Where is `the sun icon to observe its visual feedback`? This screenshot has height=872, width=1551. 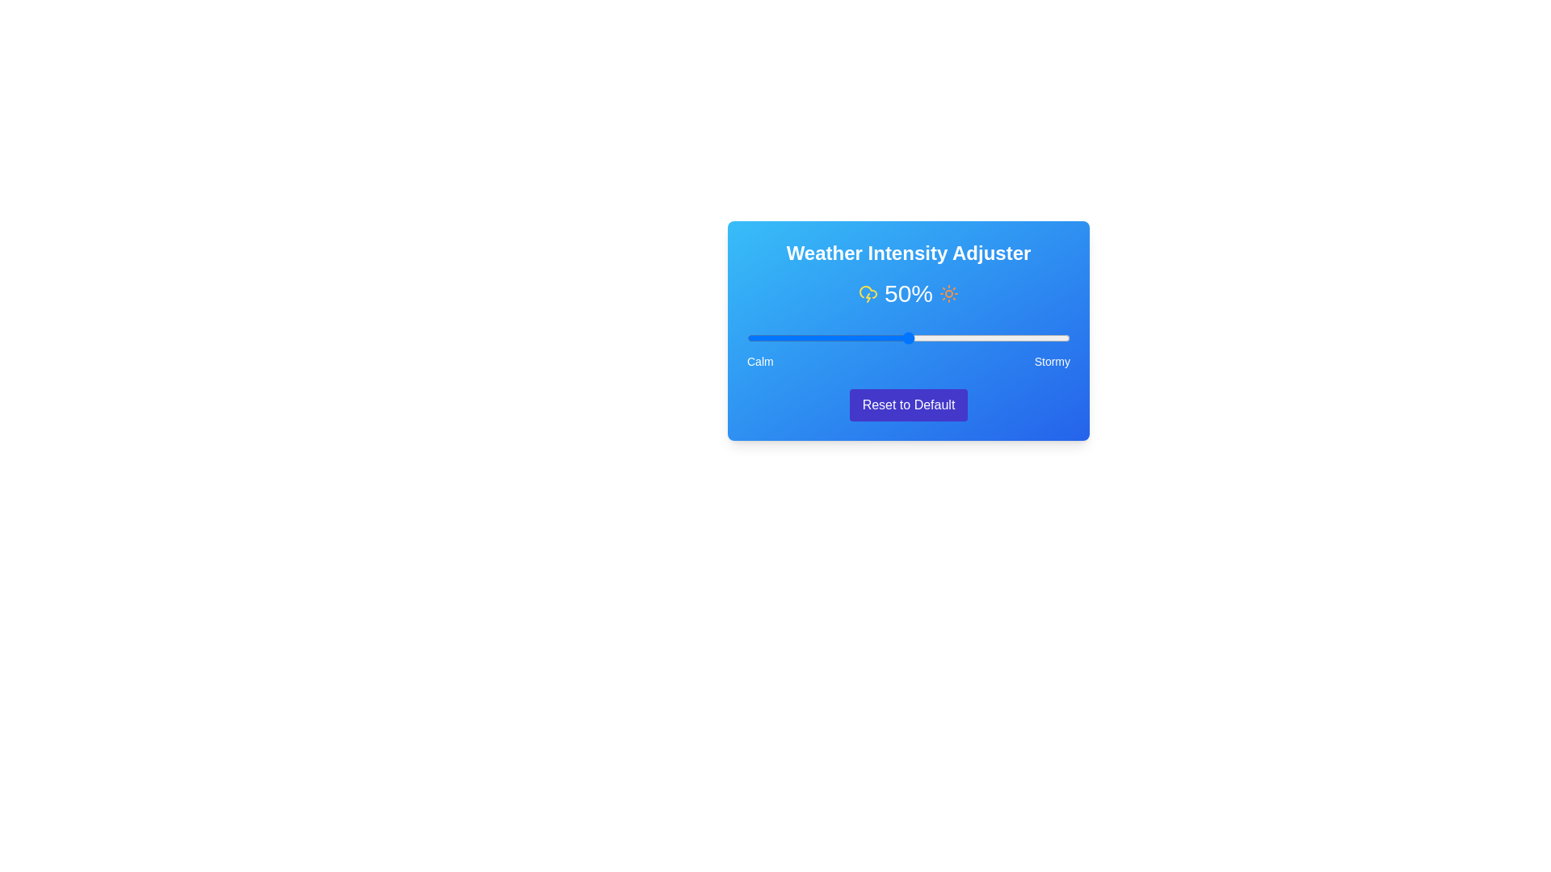
the sun icon to observe its visual feedback is located at coordinates (949, 293).